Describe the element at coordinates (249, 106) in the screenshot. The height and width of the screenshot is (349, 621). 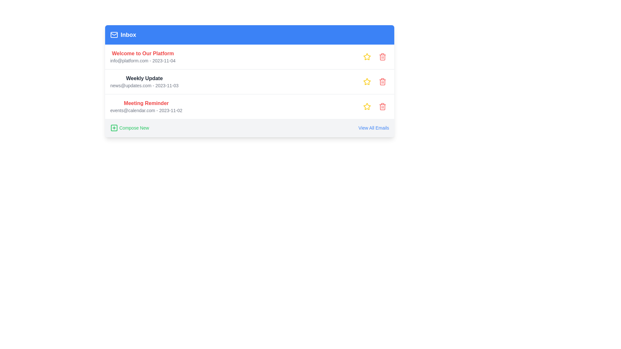
I see `displayed text on the 'Meeting Reminder' message card, which includes the title in bold red text and the subtitle in smaller gray text` at that location.